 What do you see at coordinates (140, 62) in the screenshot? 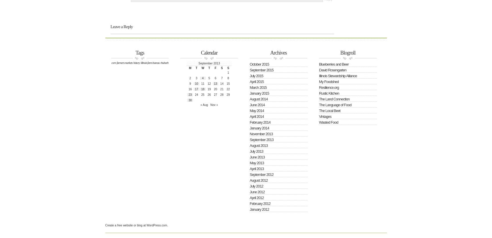
I see `'Illinois Farm Bureau'` at bounding box center [140, 62].